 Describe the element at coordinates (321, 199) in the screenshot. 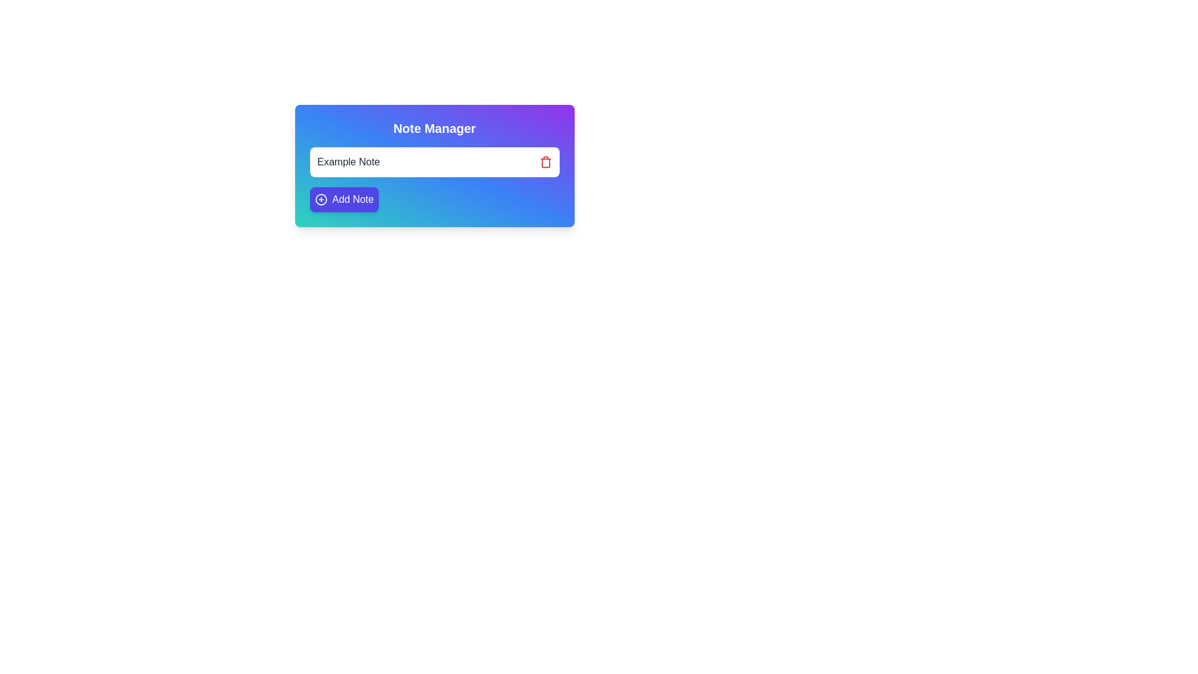

I see `the circular icon with a plus sign at its center, which is located to the left of the 'Add Note' text` at that location.